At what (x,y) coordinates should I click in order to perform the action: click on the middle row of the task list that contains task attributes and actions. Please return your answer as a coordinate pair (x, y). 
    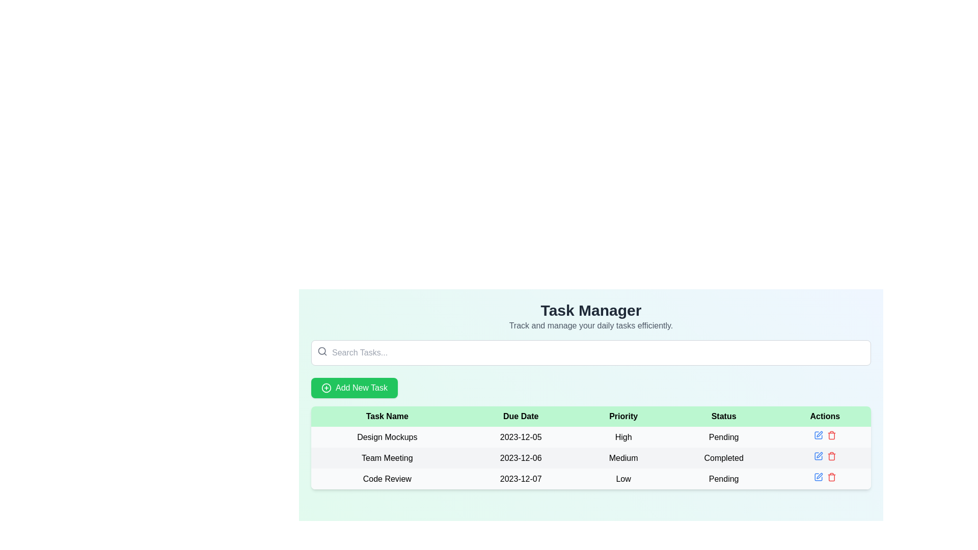
    Looking at the image, I should click on (591, 457).